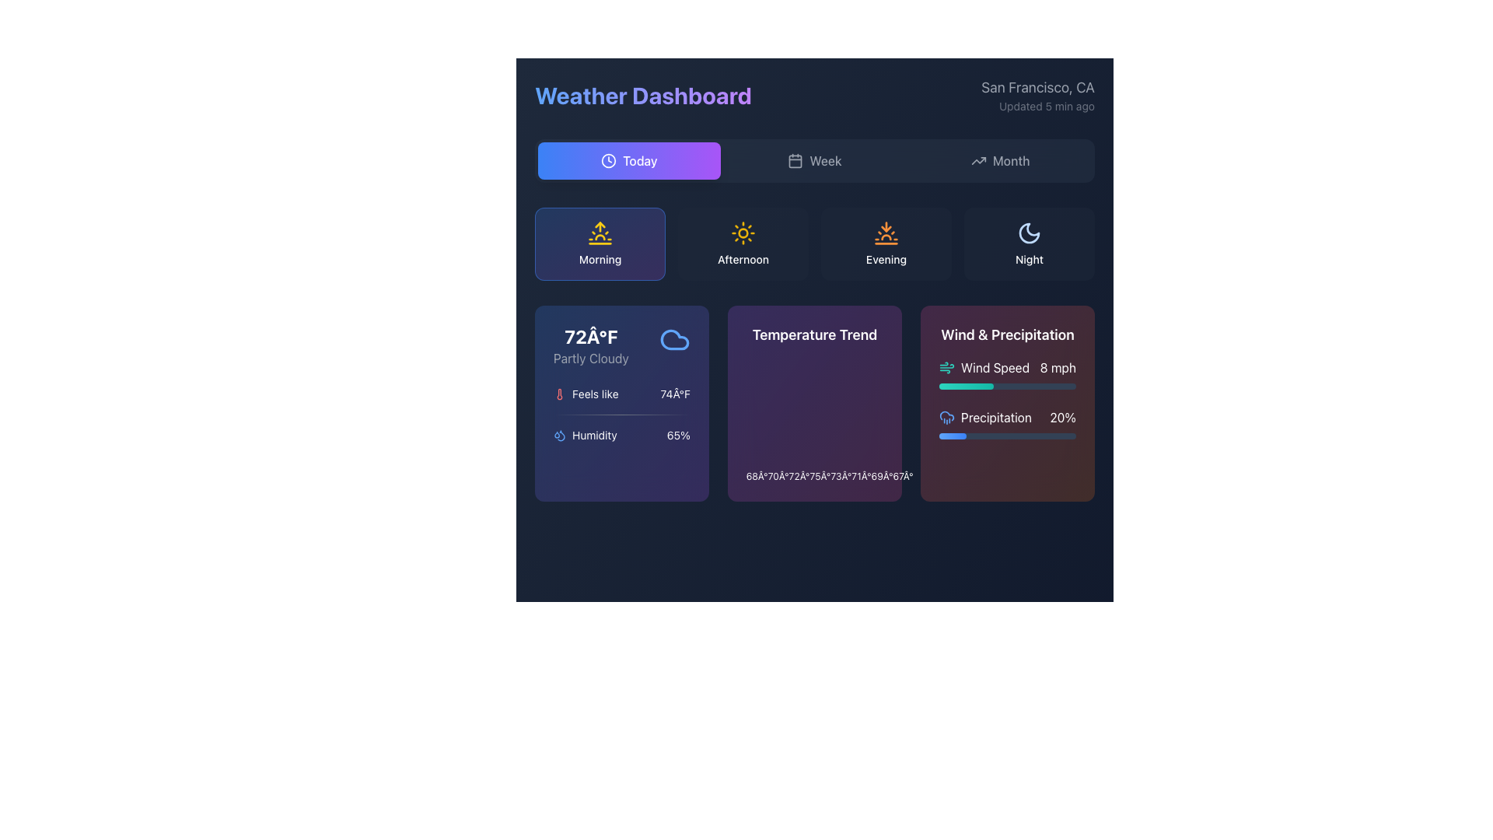  I want to click on the 'Today' text label which serves as an indicator for selecting today's view in the dashboard, located in the upper left section of the interface, so click(640, 161).